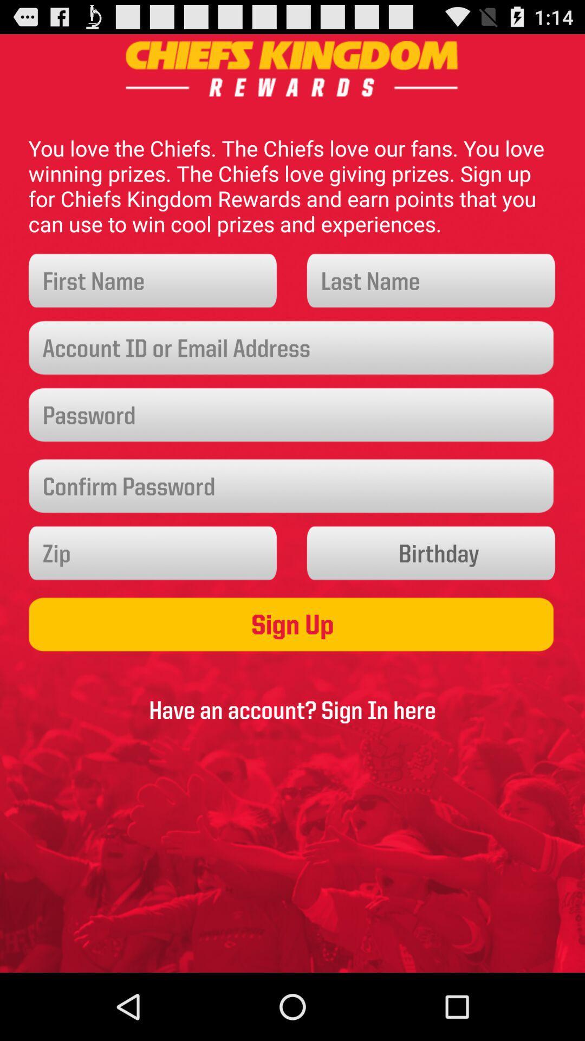 The image size is (585, 1041). What do you see at coordinates (292, 414) in the screenshot?
I see `type password` at bounding box center [292, 414].